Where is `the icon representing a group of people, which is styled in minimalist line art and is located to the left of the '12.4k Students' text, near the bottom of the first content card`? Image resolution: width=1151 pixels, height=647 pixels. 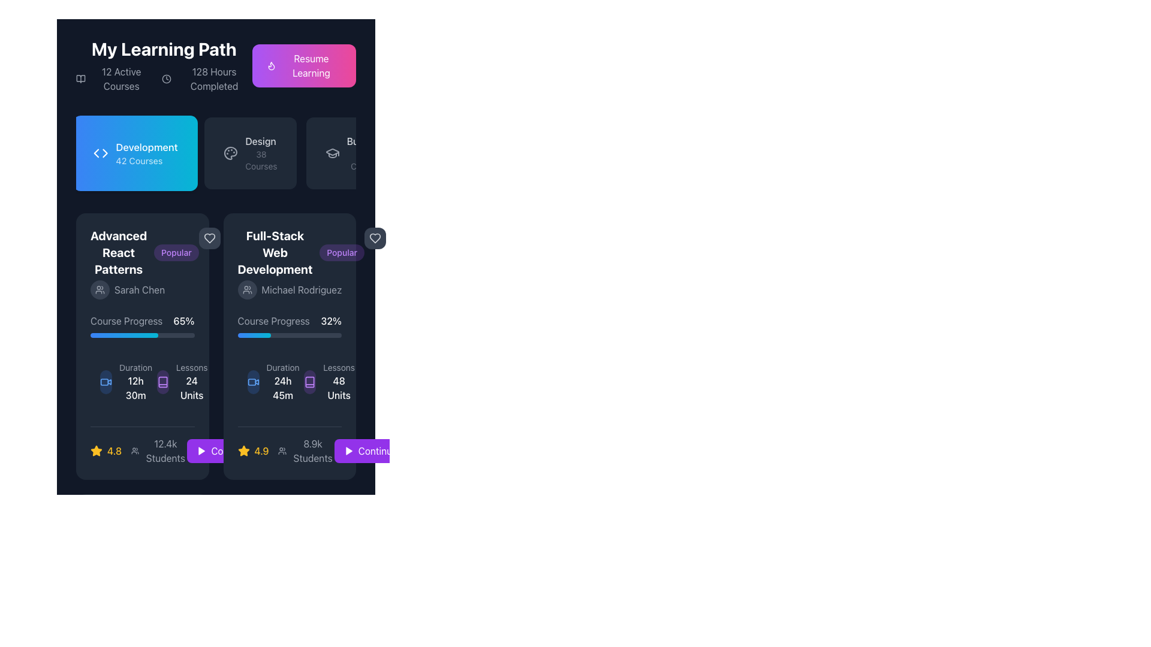
the icon representing a group of people, which is styled in minimalist line art and is located to the left of the '12.4k Students' text, near the bottom of the first content card is located at coordinates (135, 451).